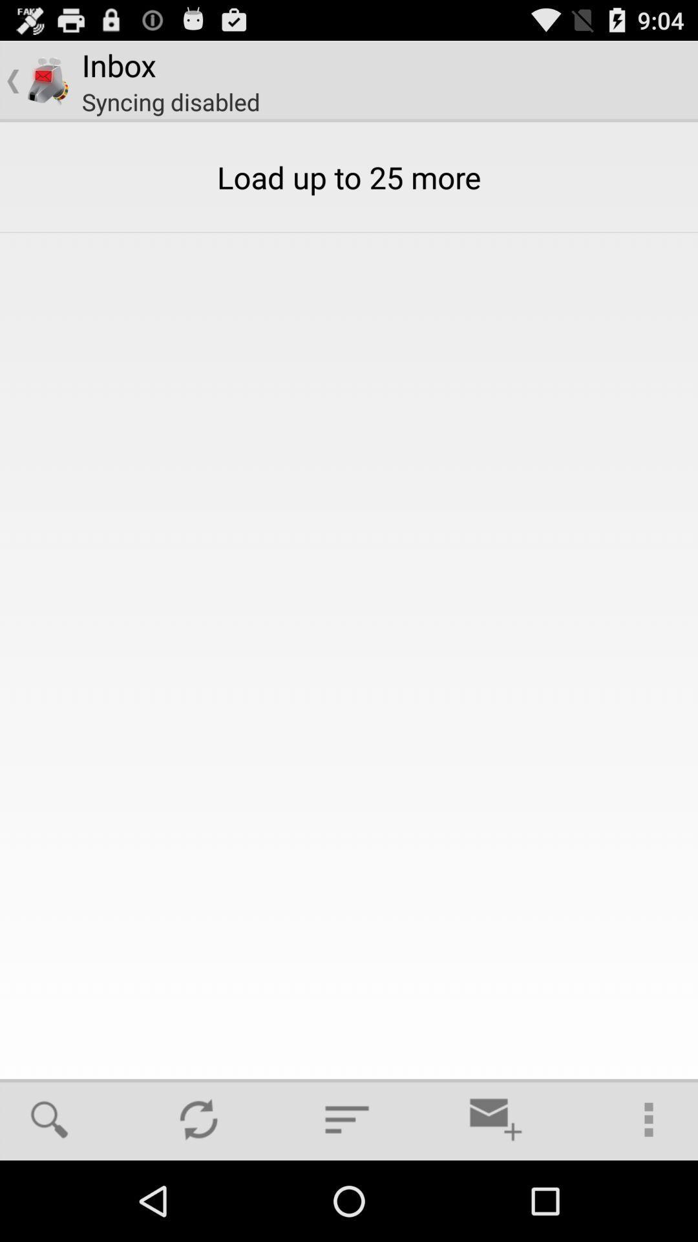 The height and width of the screenshot is (1242, 698). Describe the element at coordinates (346, 1119) in the screenshot. I see `item below the load up to item` at that location.